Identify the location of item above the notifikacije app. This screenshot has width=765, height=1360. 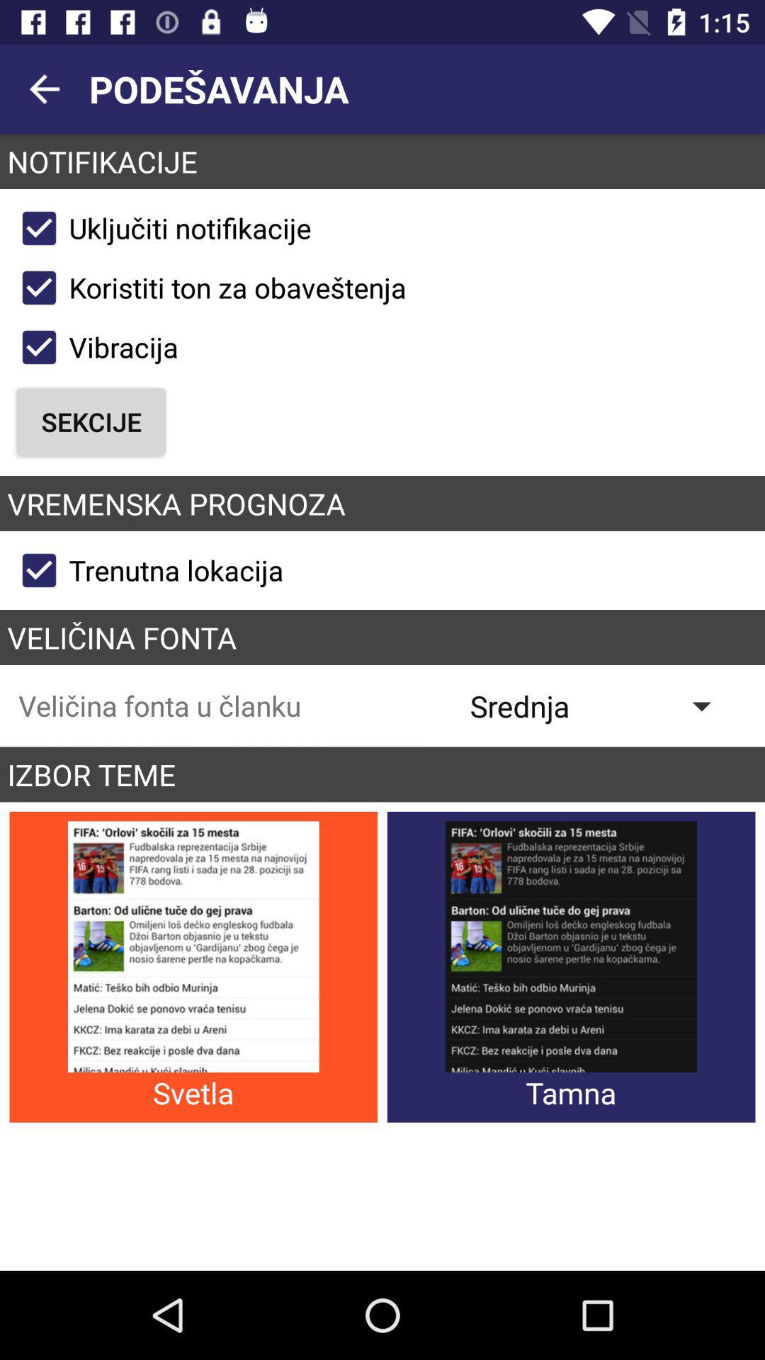
(43, 88).